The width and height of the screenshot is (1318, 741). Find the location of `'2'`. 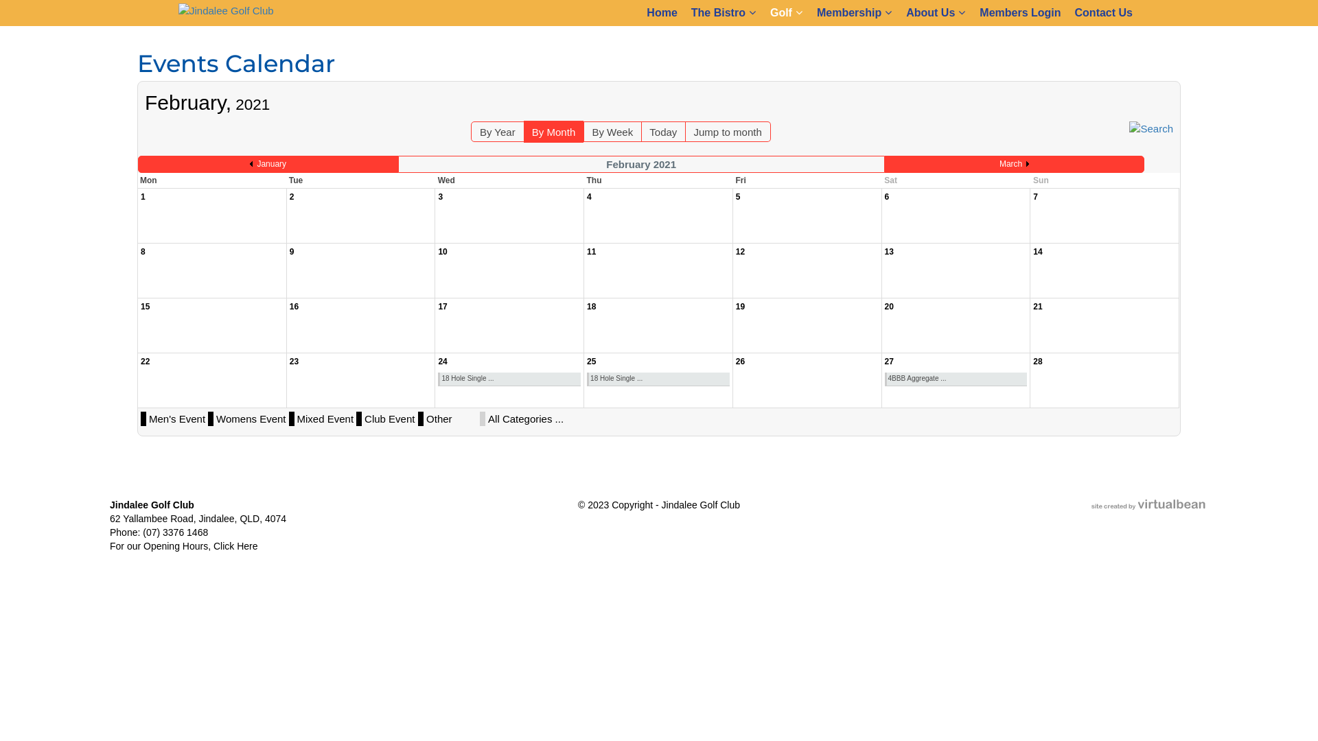

'2' is located at coordinates (291, 196).